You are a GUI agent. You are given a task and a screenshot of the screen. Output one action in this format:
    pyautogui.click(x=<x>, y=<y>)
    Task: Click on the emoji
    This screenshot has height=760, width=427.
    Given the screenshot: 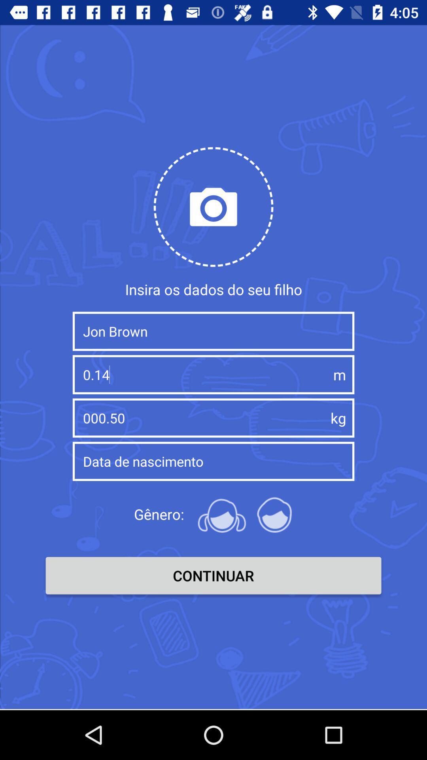 What is the action you would take?
    pyautogui.click(x=222, y=514)
    